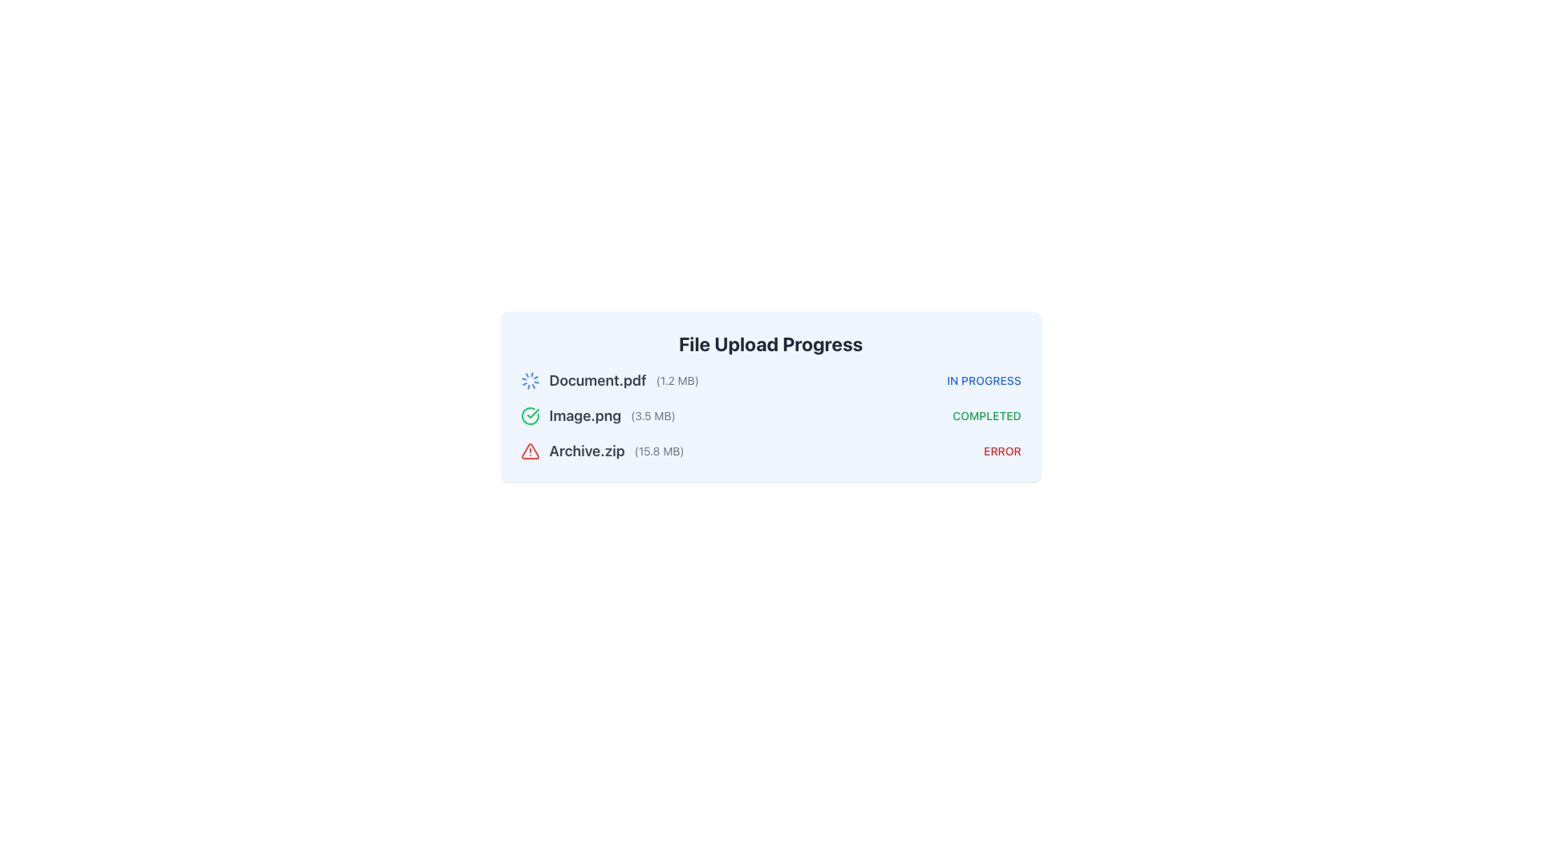 The width and height of the screenshot is (1541, 866). I want to click on the circular green icon with a checkmark symbol that indicates a successful action, positioned to the left of the file name 'Image.png', so click(530, 415).